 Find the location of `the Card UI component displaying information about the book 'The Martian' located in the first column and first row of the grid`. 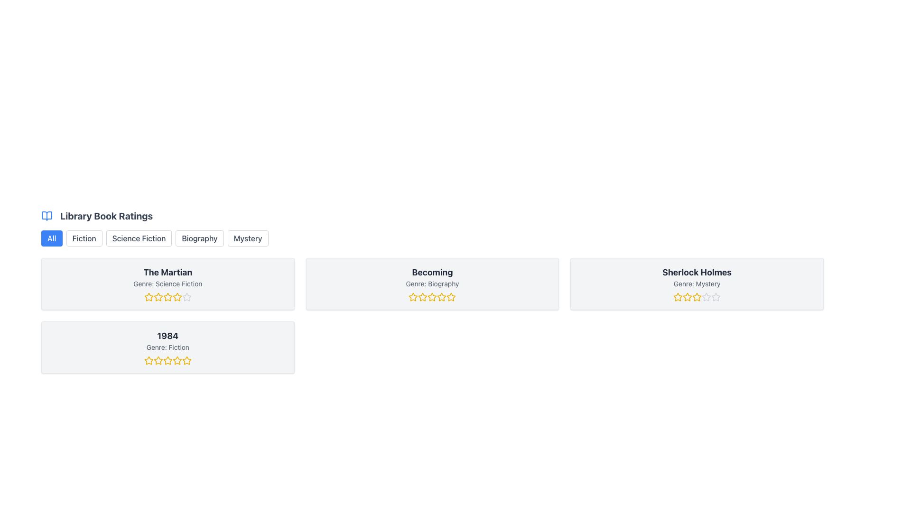

the Card UI component displaying information about the book 'The Martian' located in the first column and first row of the grid is located at coordinates (167, 283).